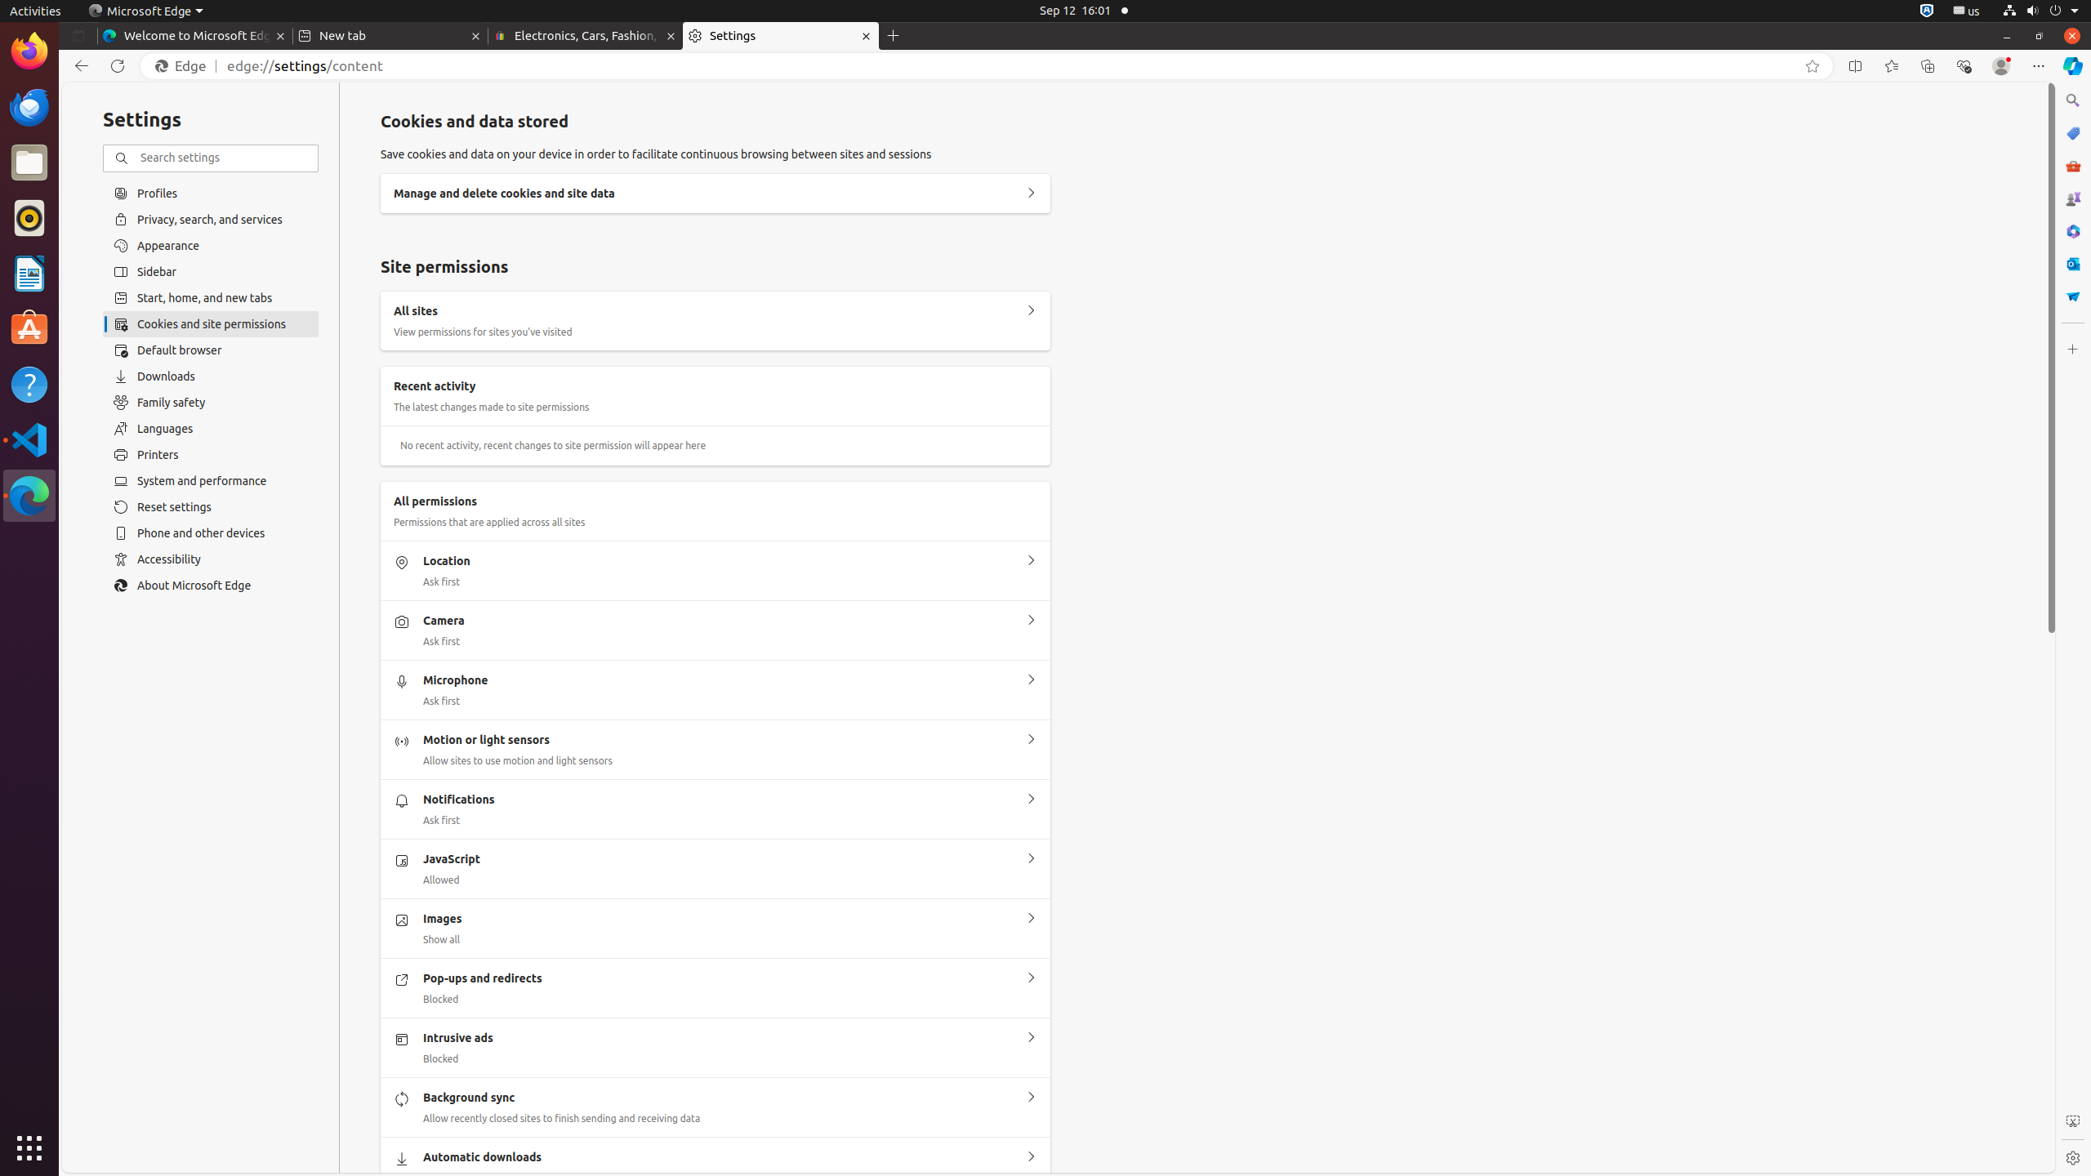  I want to click on 'Thunderbird Mail', so click(29, 106).